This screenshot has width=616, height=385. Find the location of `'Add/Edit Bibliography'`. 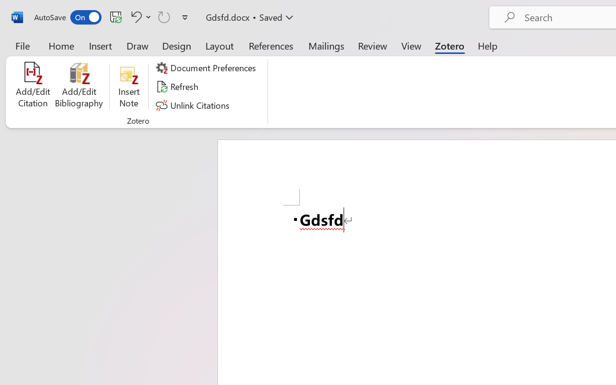

'Add/Edit Bibliography' is located at coordinates (79, 86).